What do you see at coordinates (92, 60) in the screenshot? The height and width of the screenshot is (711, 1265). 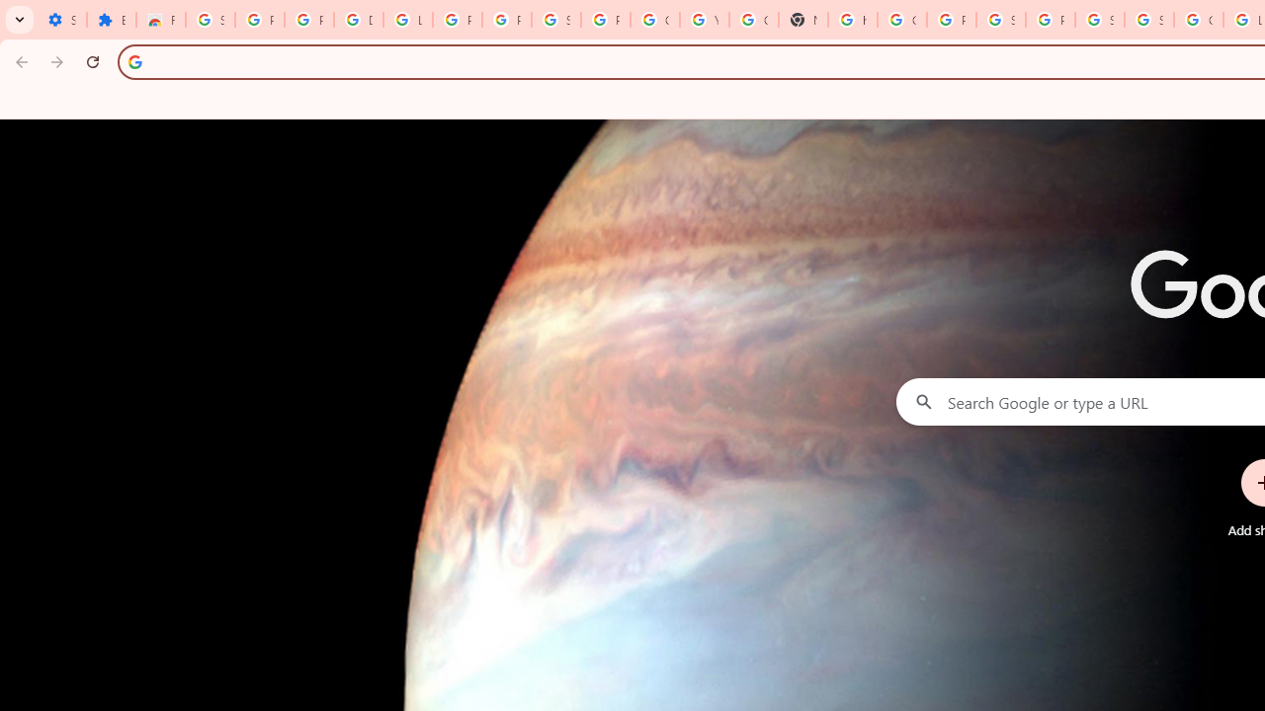 I see `'Reload'` at bounding box center [92, 60].